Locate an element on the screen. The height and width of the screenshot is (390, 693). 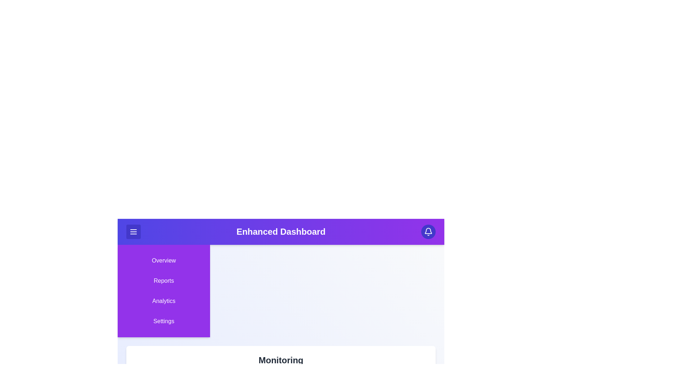
the sidebar menu item Reports to navigate to its section is located at coordinates (164, 281).